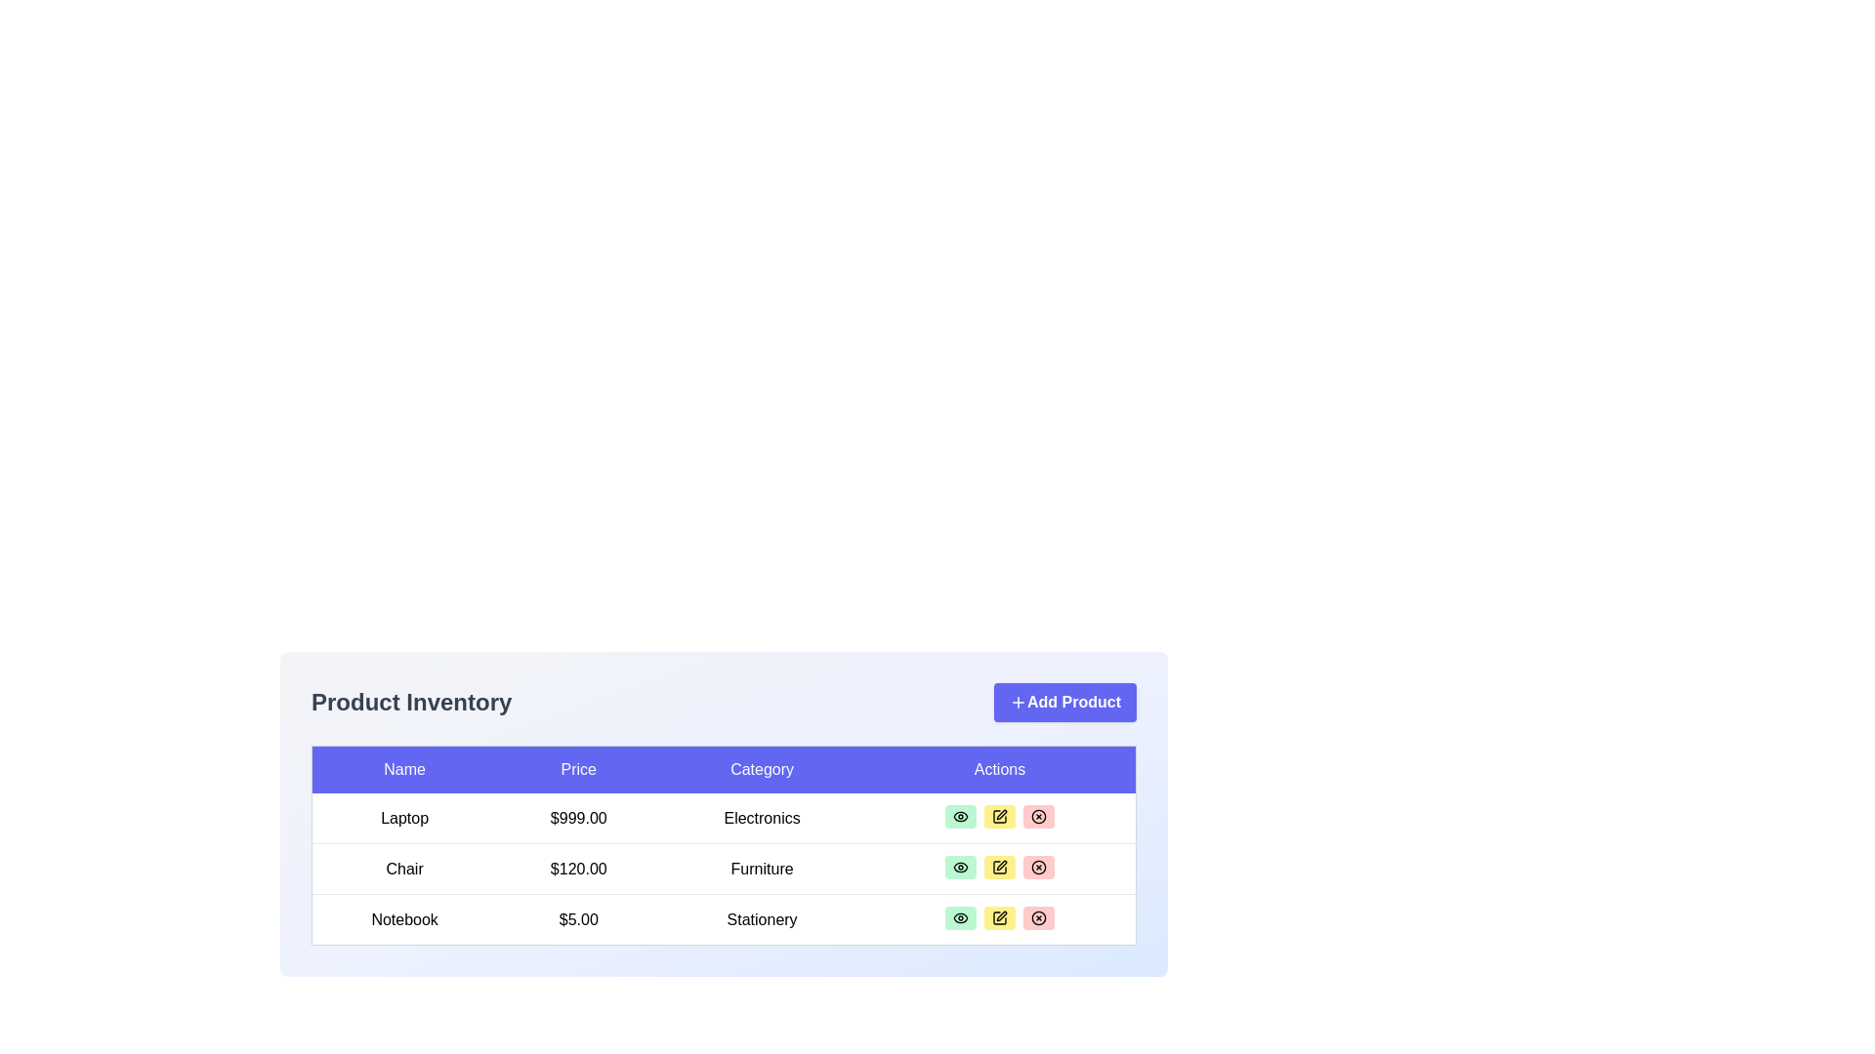 The image size is (1875, 1054). Describe the element at coordinates (999, 817) in the screenshot. I see `the 'Edit' icon button located in the 'Actions' column for the 'Electronics' product category to initiate editing the product details` at that location.